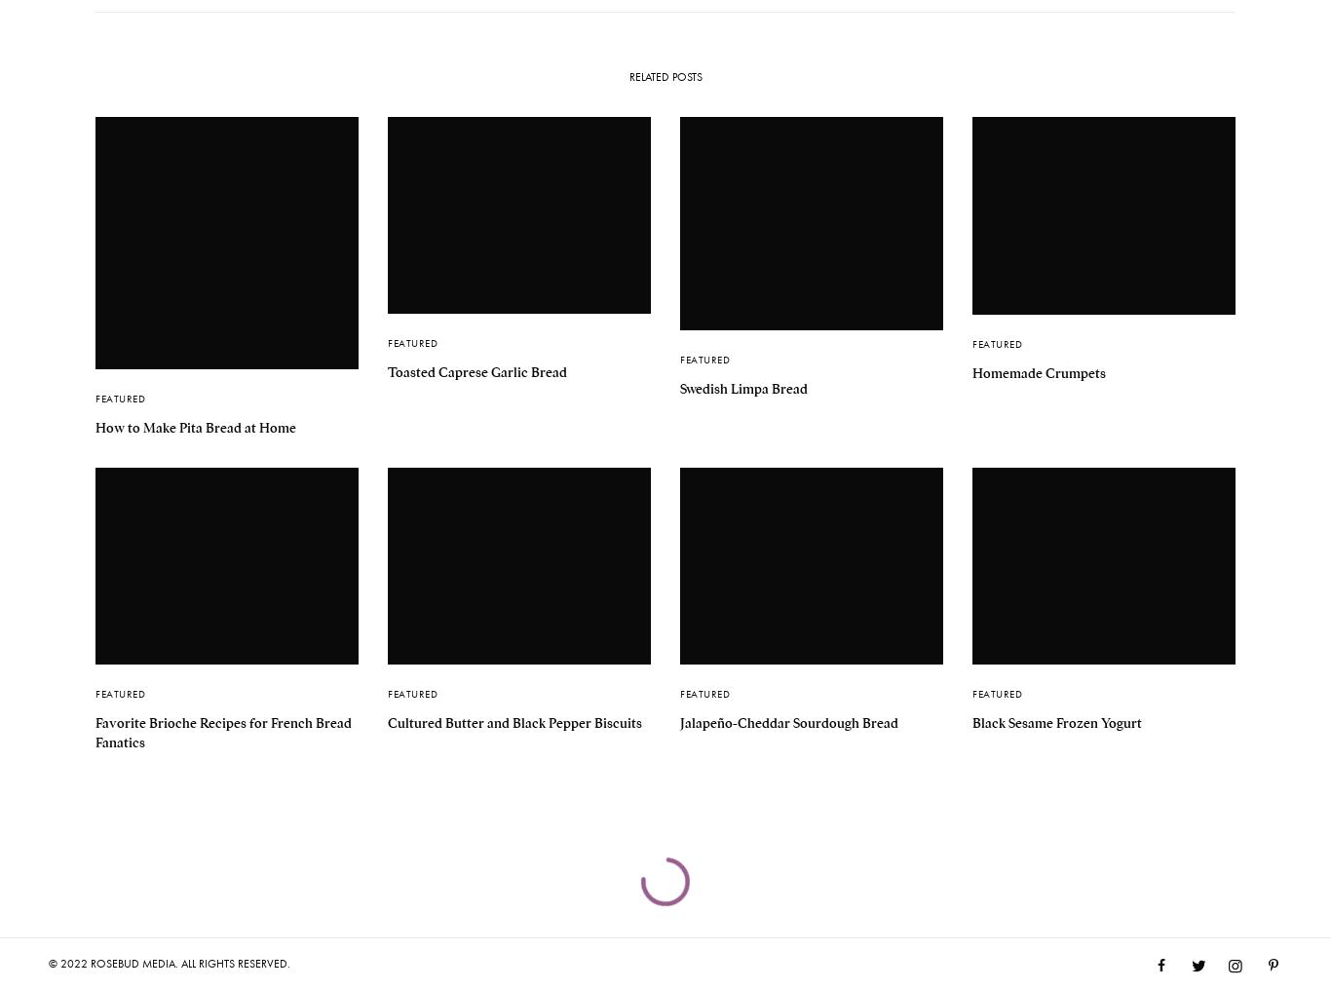  What do you see at coordinates (1038, 372) in the screenshot?
I see `'Homemade Crumpets'` at bounding box center [1038, 372].